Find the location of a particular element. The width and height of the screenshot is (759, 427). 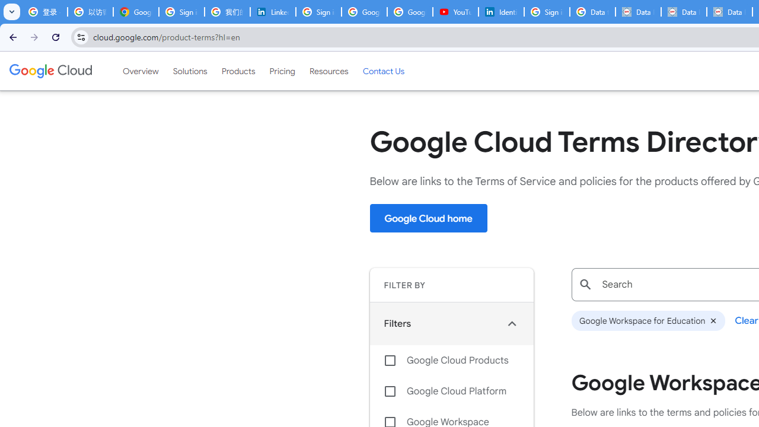

'Sign in - Google Accounts' is located at coordinates (181, 12).